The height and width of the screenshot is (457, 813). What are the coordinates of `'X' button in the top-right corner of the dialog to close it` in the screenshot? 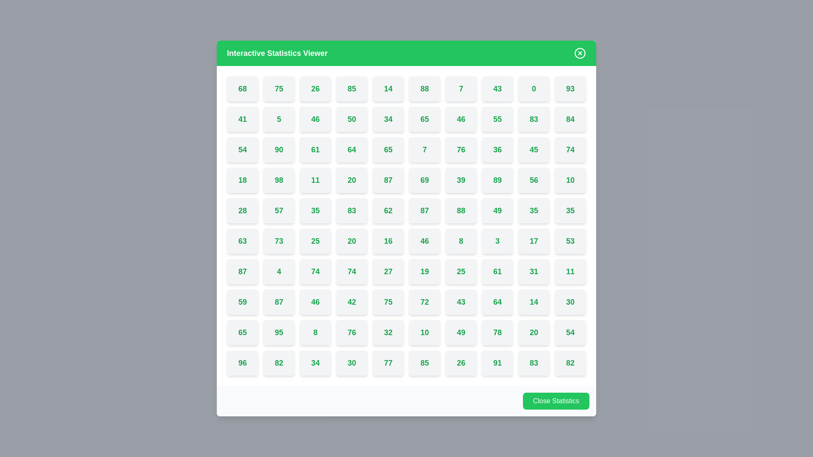 It's located at (579, 53).